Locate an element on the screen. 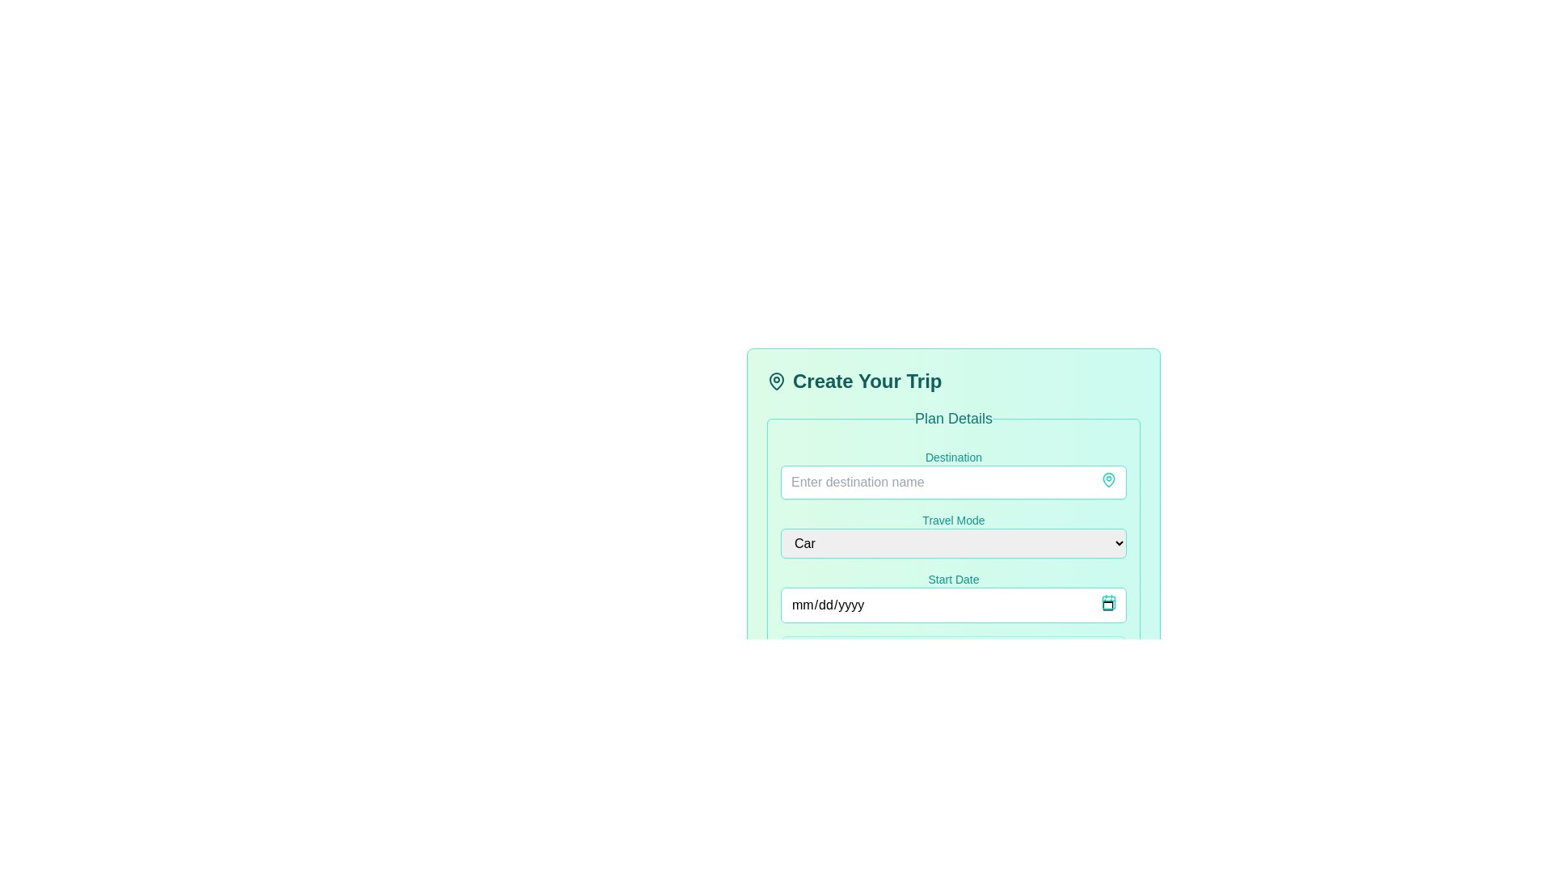  the teal map pin icon located in the header section to the left of 'Create Your Trip' is located at coordinates (776, 381).